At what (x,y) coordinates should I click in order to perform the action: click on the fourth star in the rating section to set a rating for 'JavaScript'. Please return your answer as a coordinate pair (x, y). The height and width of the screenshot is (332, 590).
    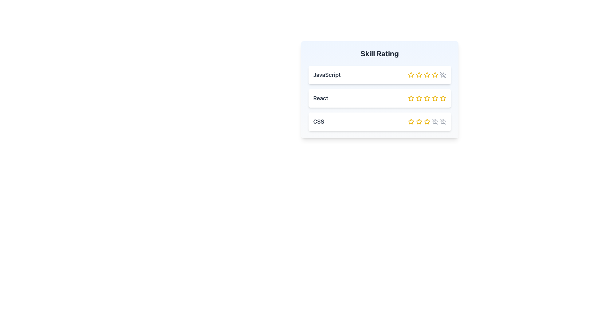
    Looking at the image, I should click on (427, 74).